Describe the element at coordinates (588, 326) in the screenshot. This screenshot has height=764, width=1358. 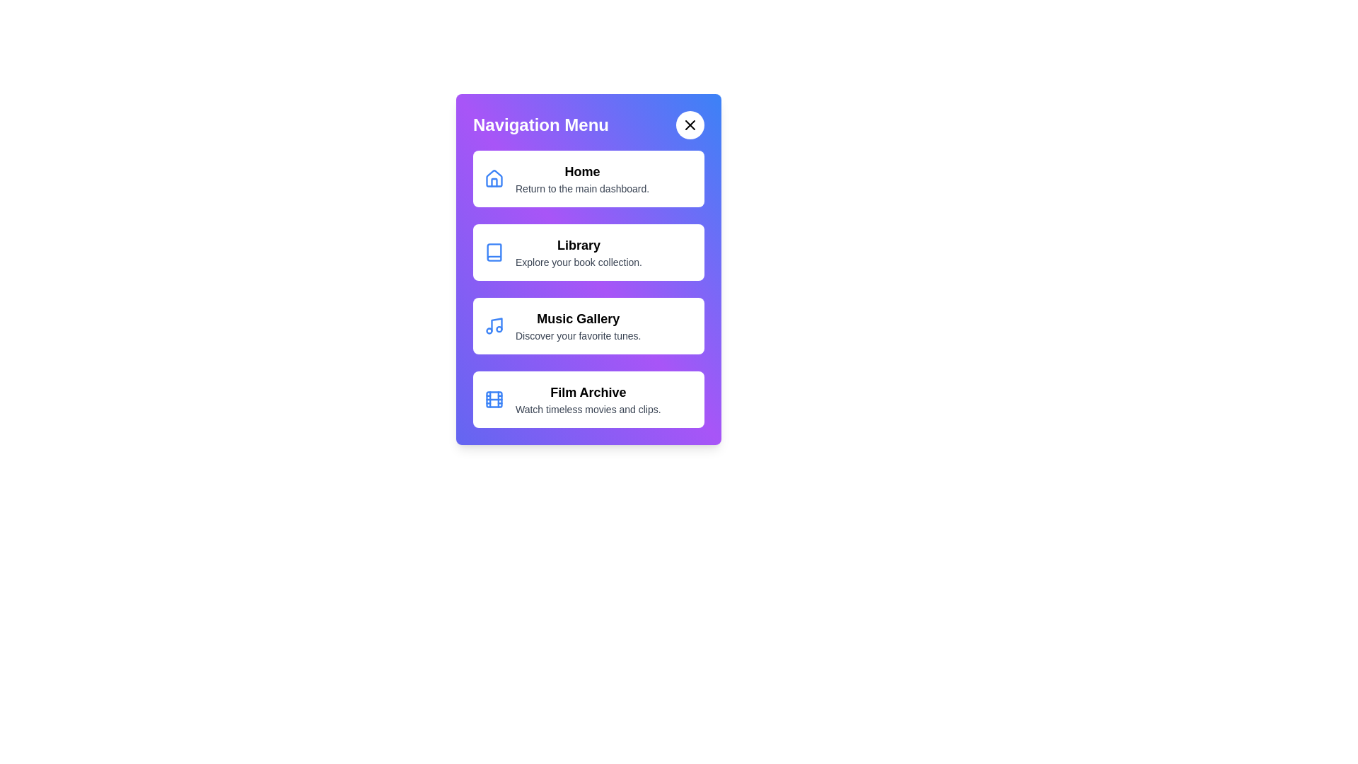
I see `the navigation menu item Music Gallery` at that location.